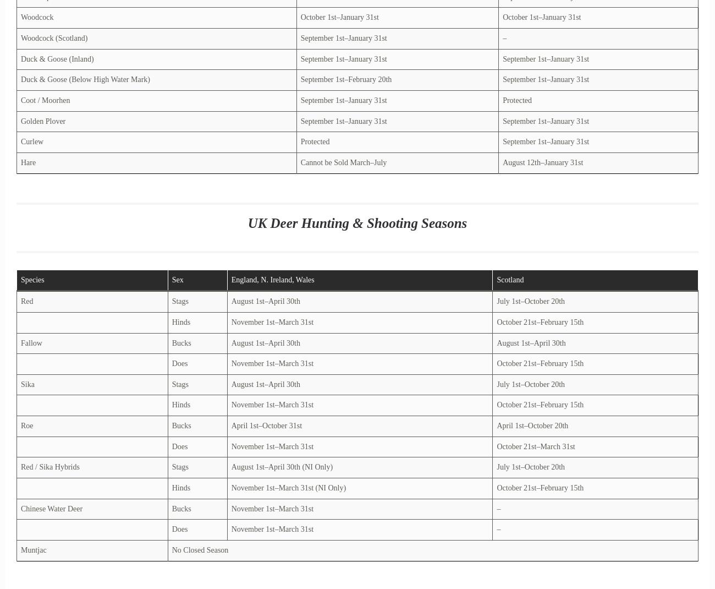  What do you see at coordinates (272, 279) in the screenshot?
I see `'England, N. Ireland, Wales'` at bounding box center [272, 279].